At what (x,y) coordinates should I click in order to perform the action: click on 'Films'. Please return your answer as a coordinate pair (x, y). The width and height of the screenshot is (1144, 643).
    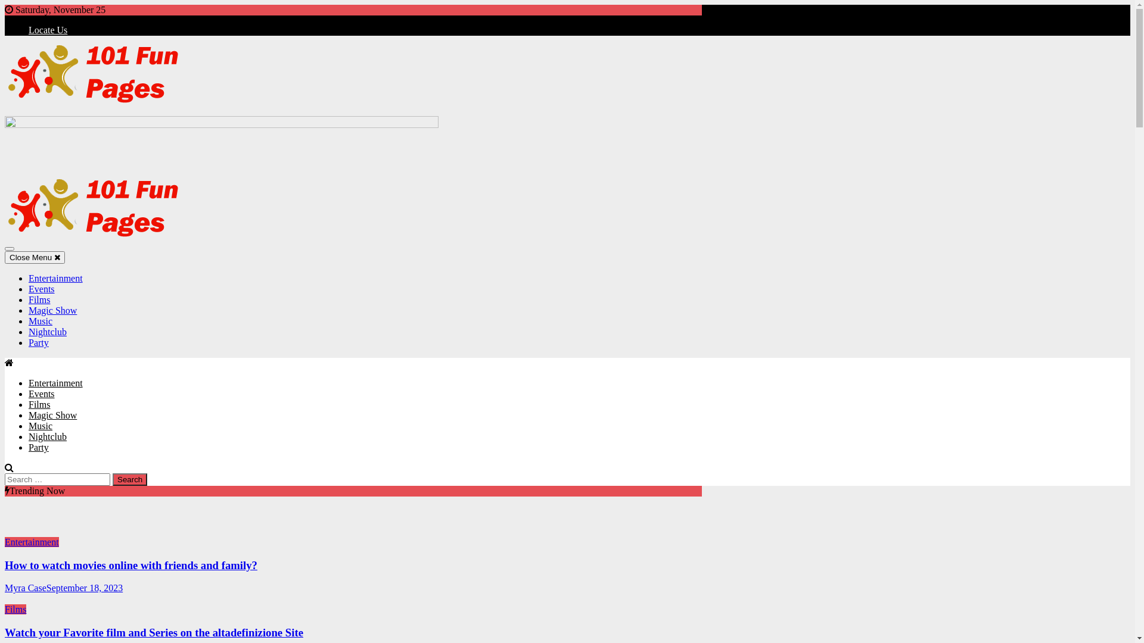
    Looking at the image, I should click on (5, 609).